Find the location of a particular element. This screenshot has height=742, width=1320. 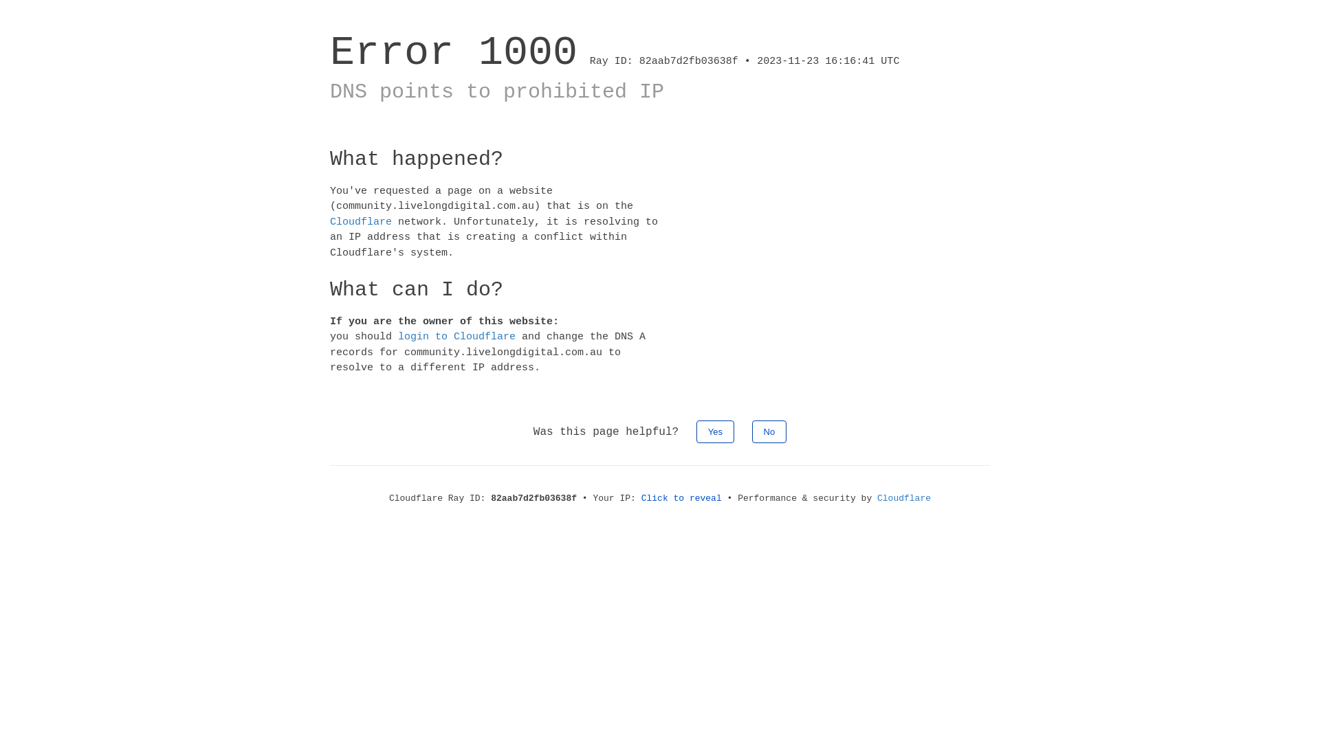

'login to Cloudflare' is located at coordinates (456, 337).